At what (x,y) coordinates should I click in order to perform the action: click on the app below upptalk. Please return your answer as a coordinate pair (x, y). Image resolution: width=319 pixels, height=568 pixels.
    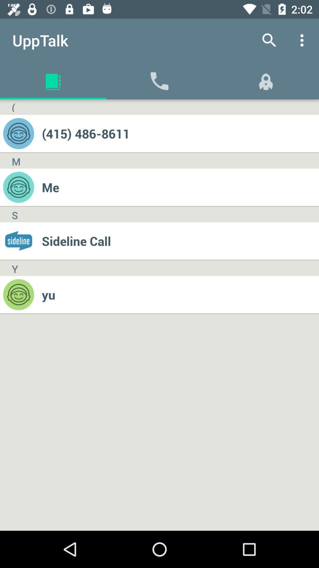
    Looking at the image, I should click on (13, 107).